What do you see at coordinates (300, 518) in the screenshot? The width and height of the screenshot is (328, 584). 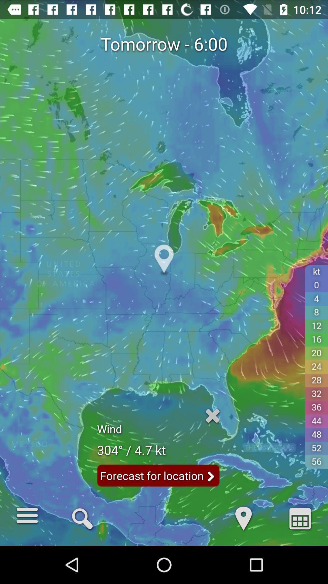 I see `the icon to the right of the d icon` at bounding box center [300, 518].